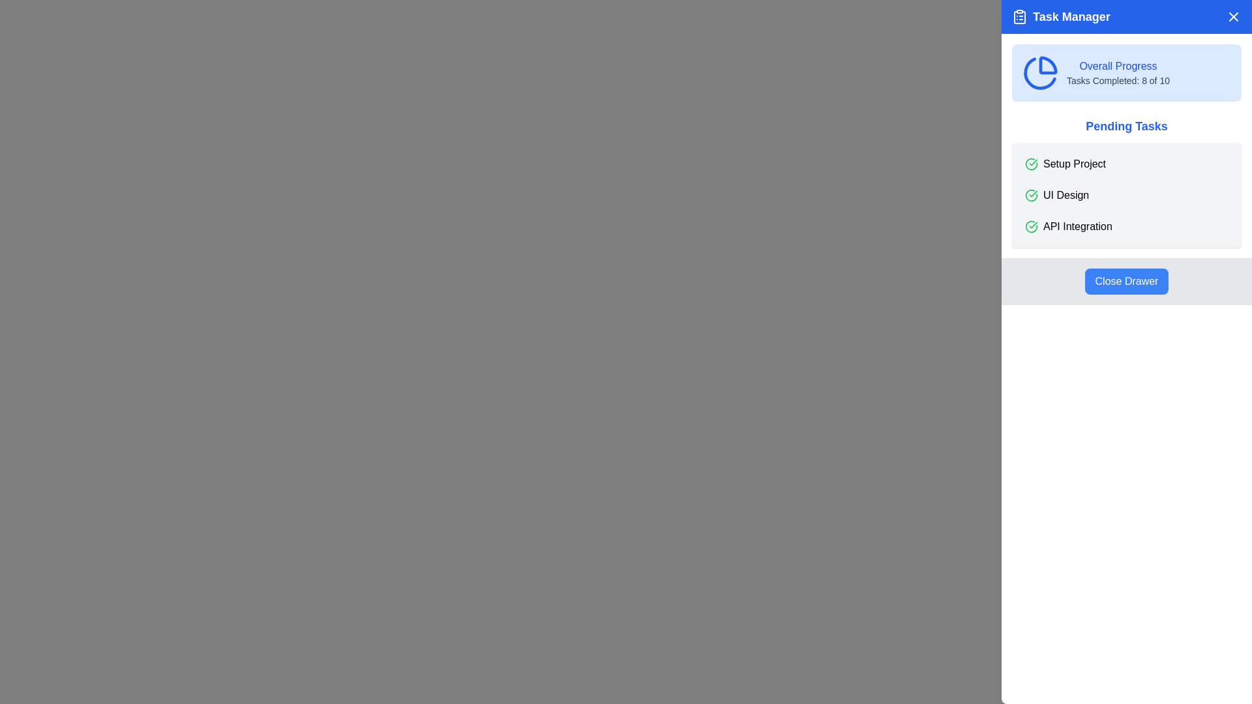  I want to click on the task entry labeled 'UI Design' with a light gray background, so click(1126, 196).